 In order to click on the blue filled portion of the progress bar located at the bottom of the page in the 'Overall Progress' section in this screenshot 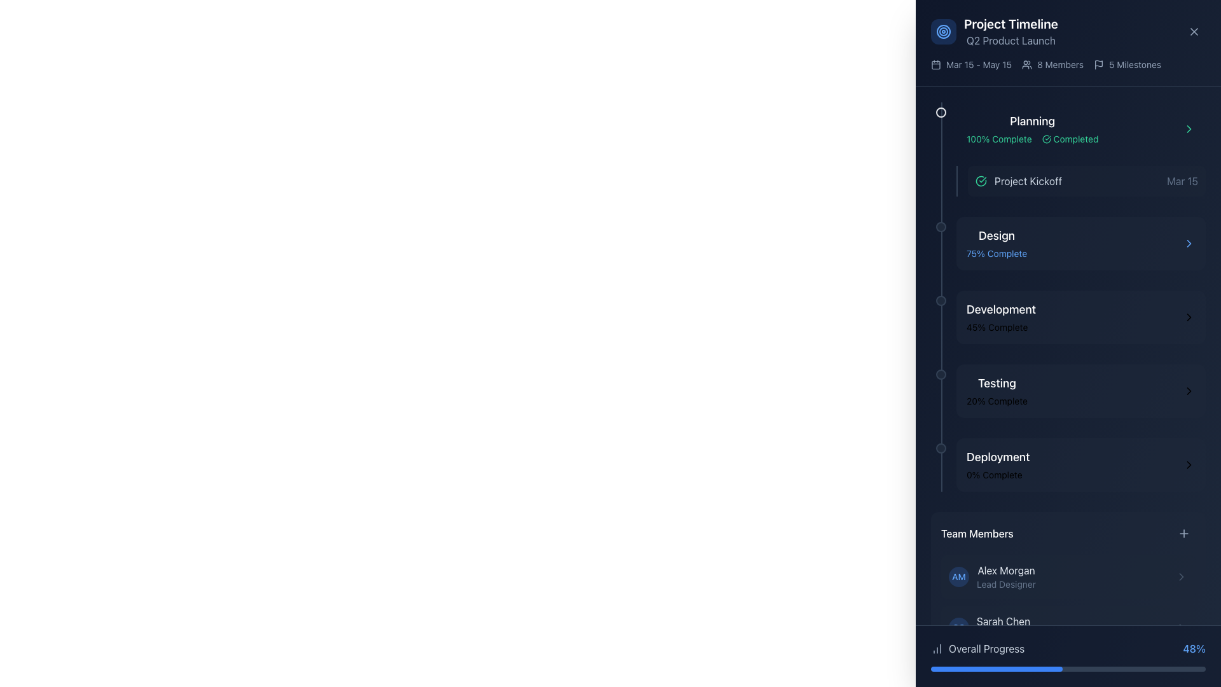, I will do `click(996, 669)`.